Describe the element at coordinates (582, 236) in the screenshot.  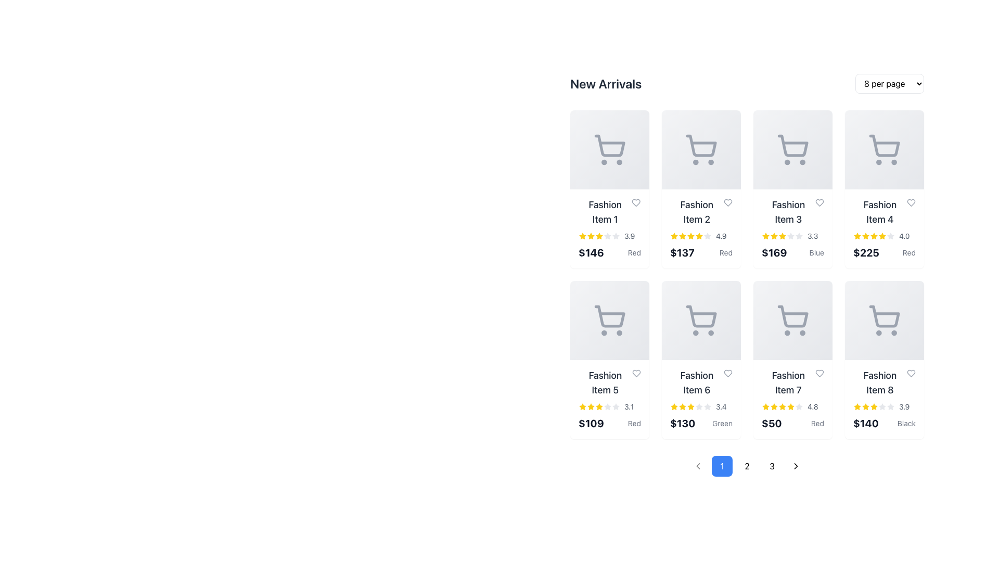
I see `the first star icon of the rating indicator under the 'Fashion Item 1' listing in the 'New Arrivals' section, next to the numeric rating value '3.9'` at that location.